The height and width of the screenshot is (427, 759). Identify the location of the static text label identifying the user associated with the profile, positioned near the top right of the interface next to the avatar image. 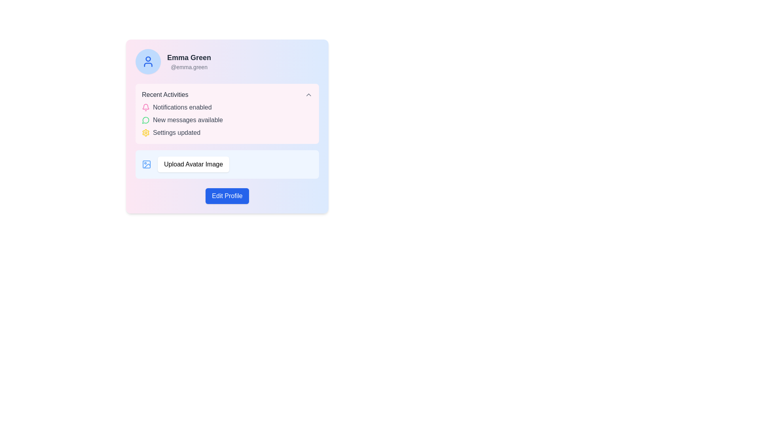
(189, 57).